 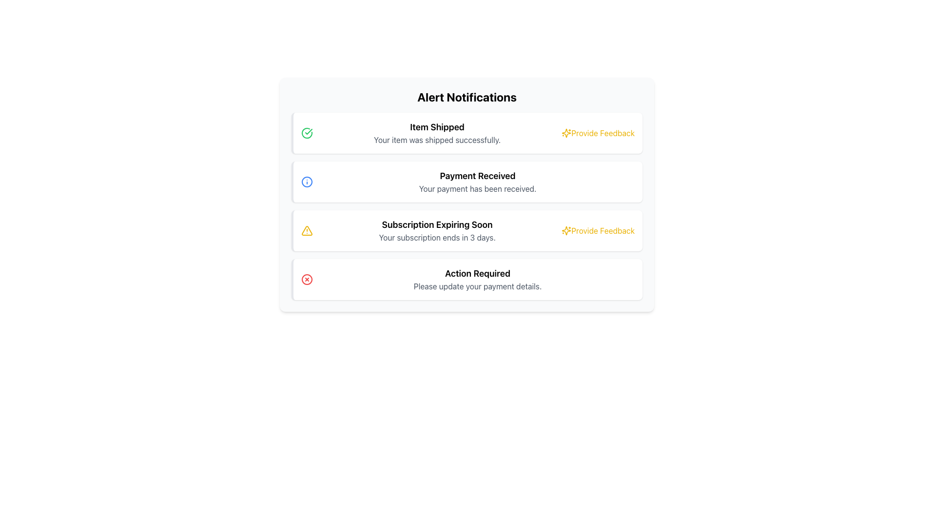 What do you see at coordinates (477, 176) in the screenshot?
I see `the 'Payment Received' text label, which is the top line of text in the second alert box from the top` at bounding box center [477, 176].